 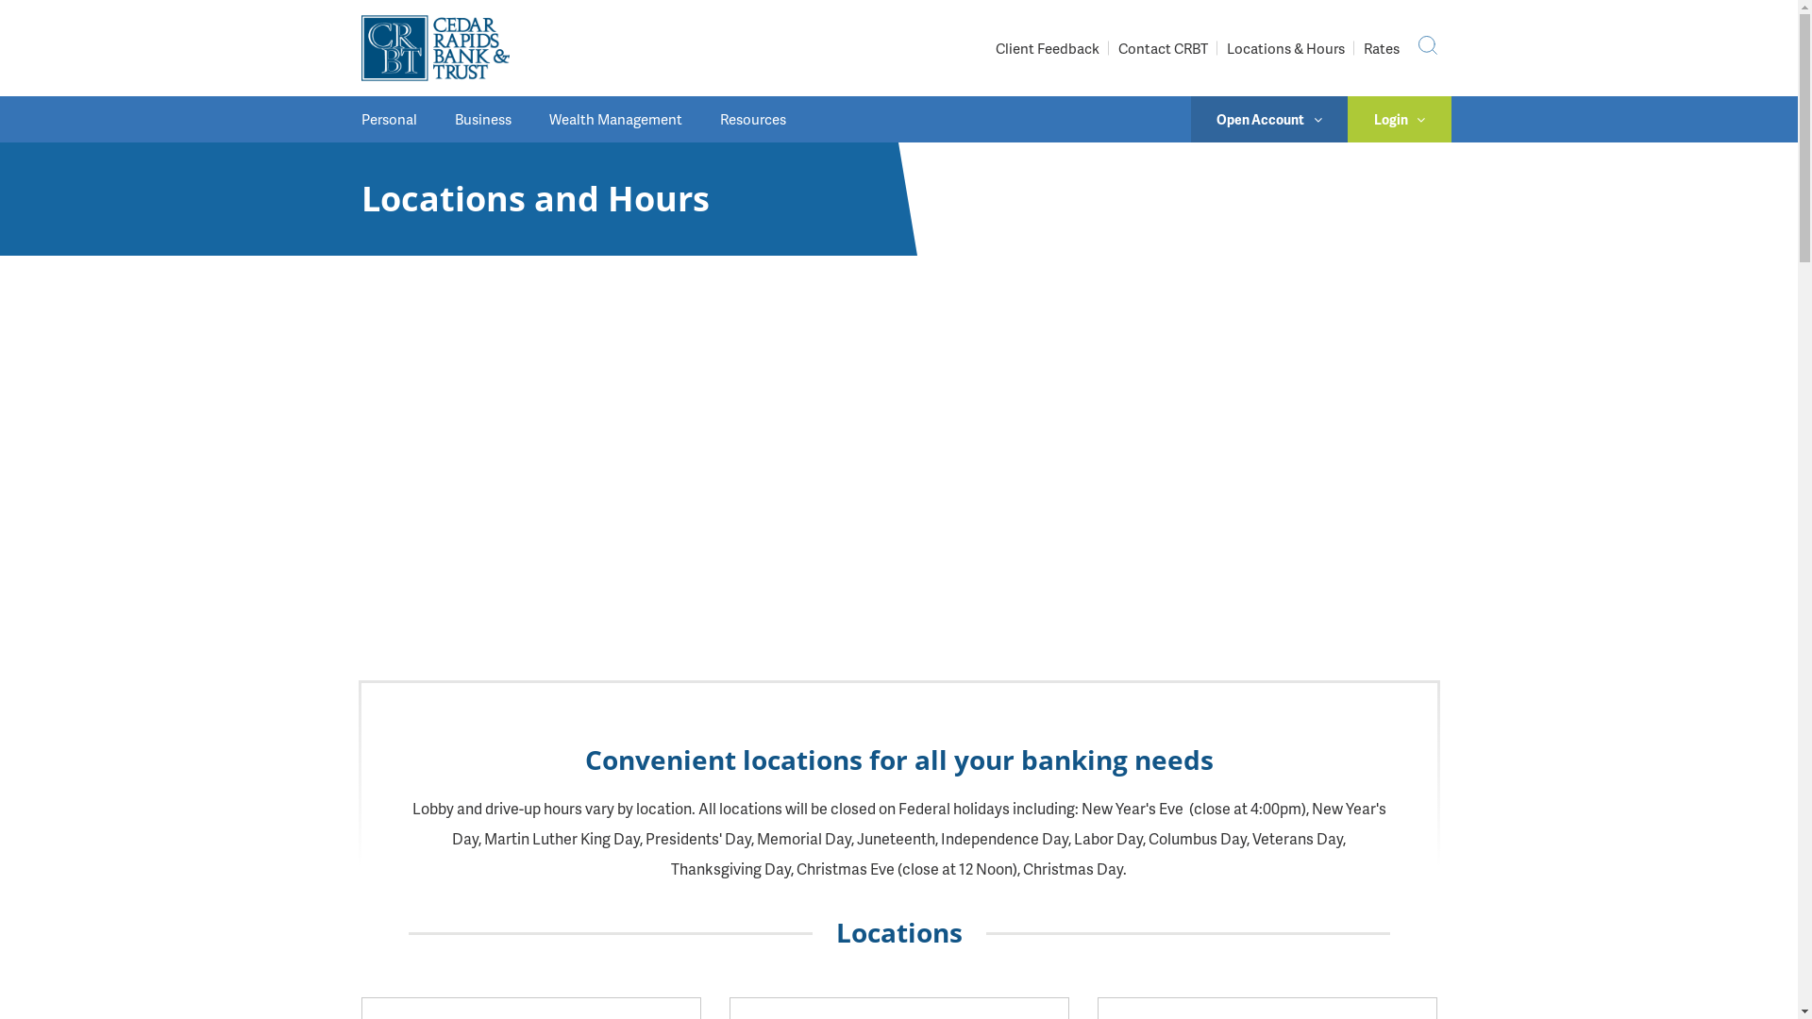 I want to click on 'Locations & Hours', so click(x=1284, y=46).